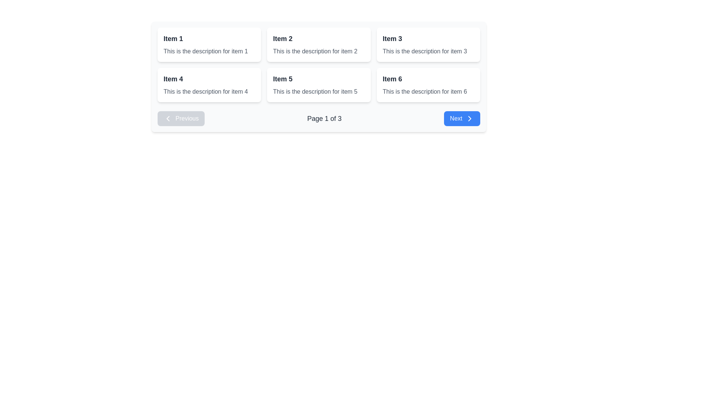 The width and height of the screenshot is (717, 403). Describe the element at coordinates (392, 79) in the screenshot. I see `the Text Label that serves as the title for the sixth item card in the grid located in the third column of the second row` at that location.